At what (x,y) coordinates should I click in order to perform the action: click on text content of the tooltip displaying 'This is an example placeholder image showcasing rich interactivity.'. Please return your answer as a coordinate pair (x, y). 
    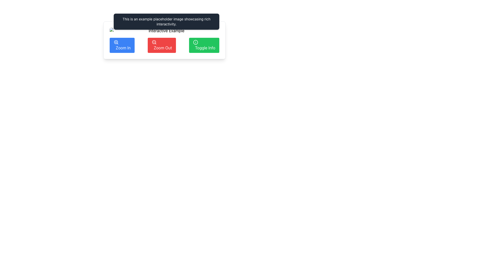
    Looking at the image, I should click on (166, 21).